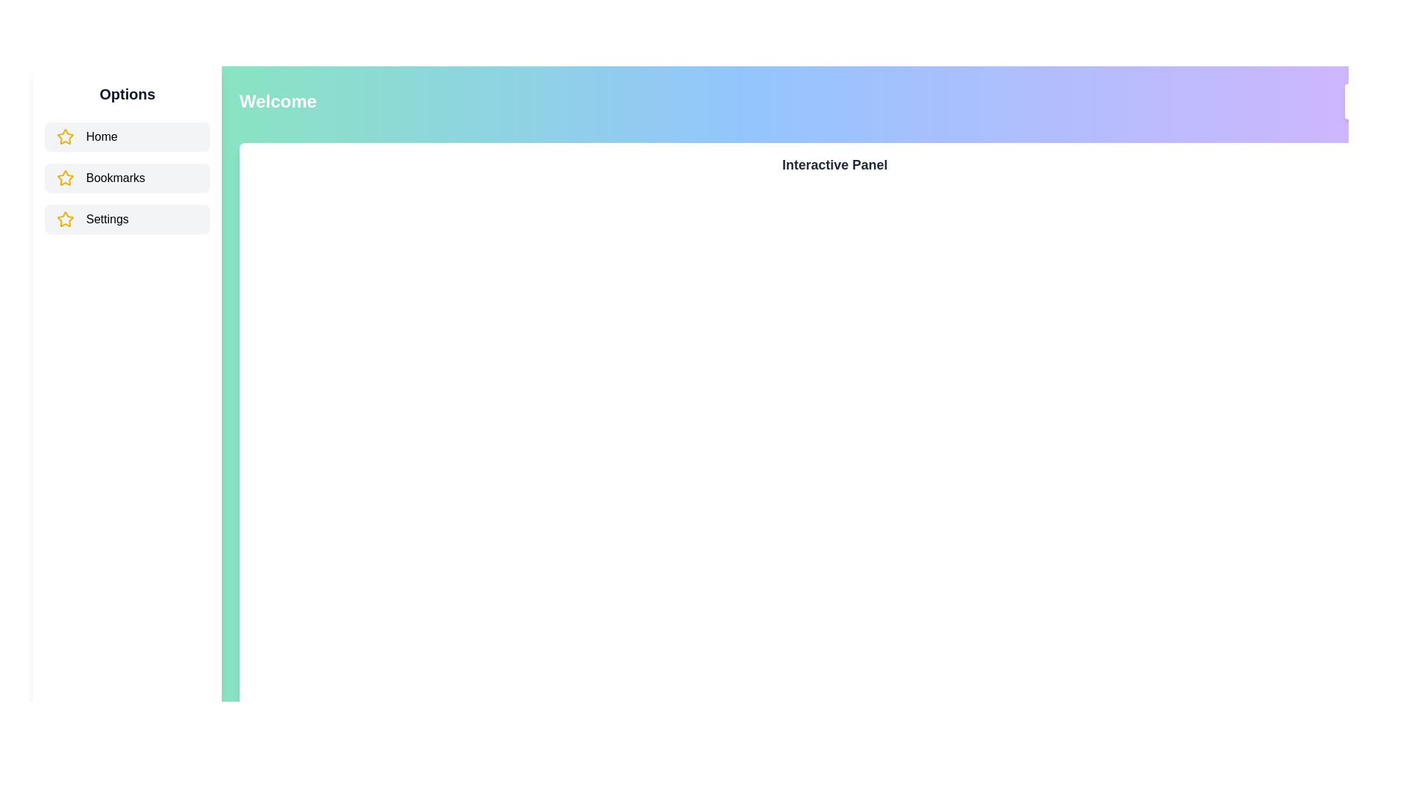  I want to click on the 'Home' icon in the vertically stacked navigation menu located on the left side of the interface, so click(65, 219).